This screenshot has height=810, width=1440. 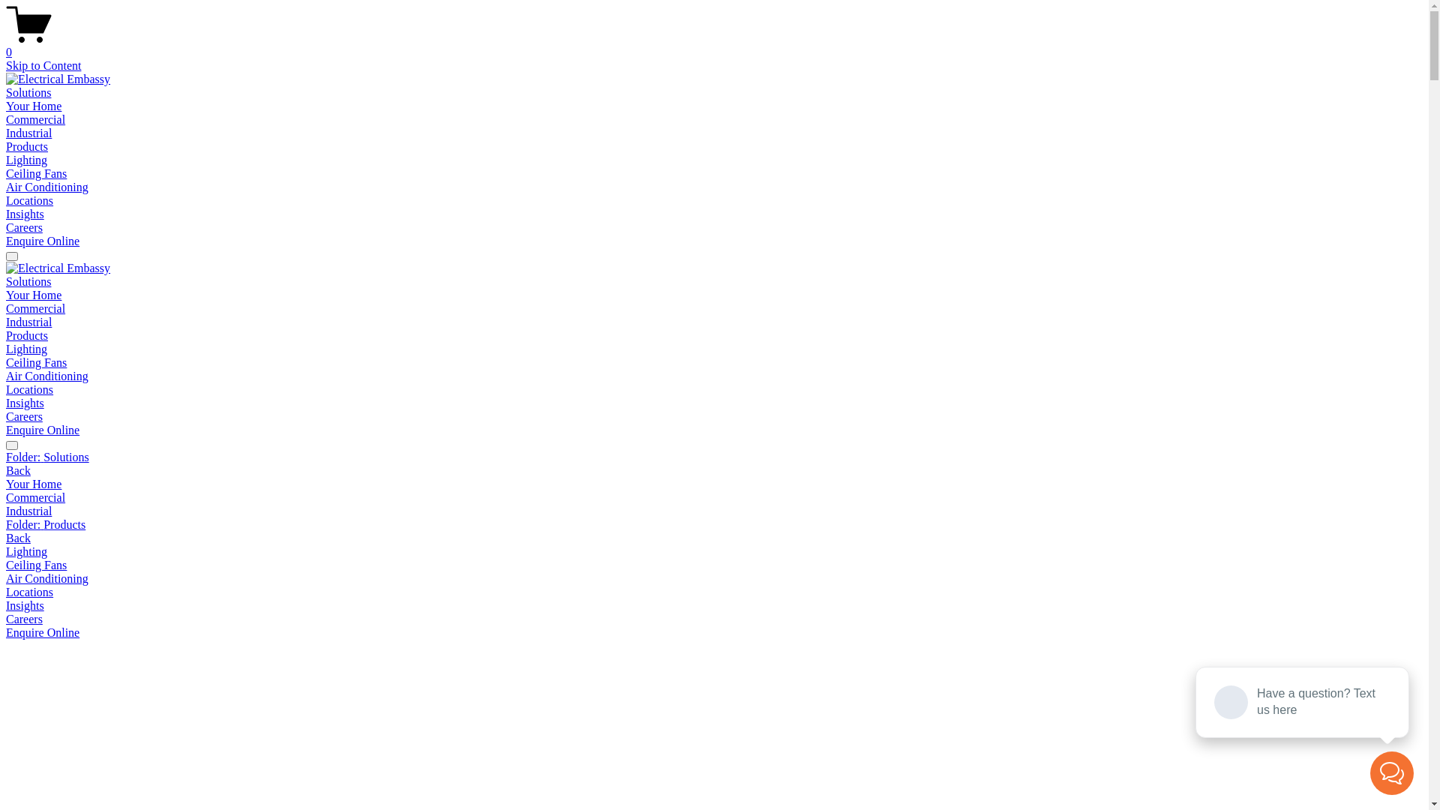 What do you see at coordinates (26, 160) in the screenshot?
I see `'Lighting'` at bounding box center [26, 160].